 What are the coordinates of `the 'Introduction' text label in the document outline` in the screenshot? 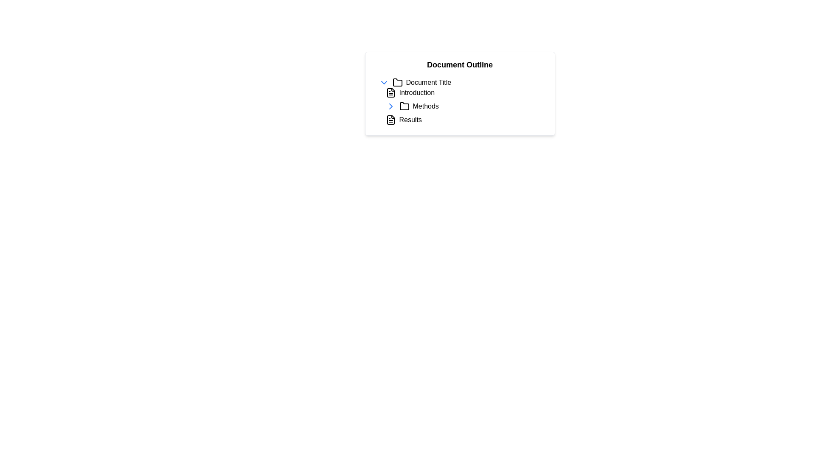 It's located at (417, 93).